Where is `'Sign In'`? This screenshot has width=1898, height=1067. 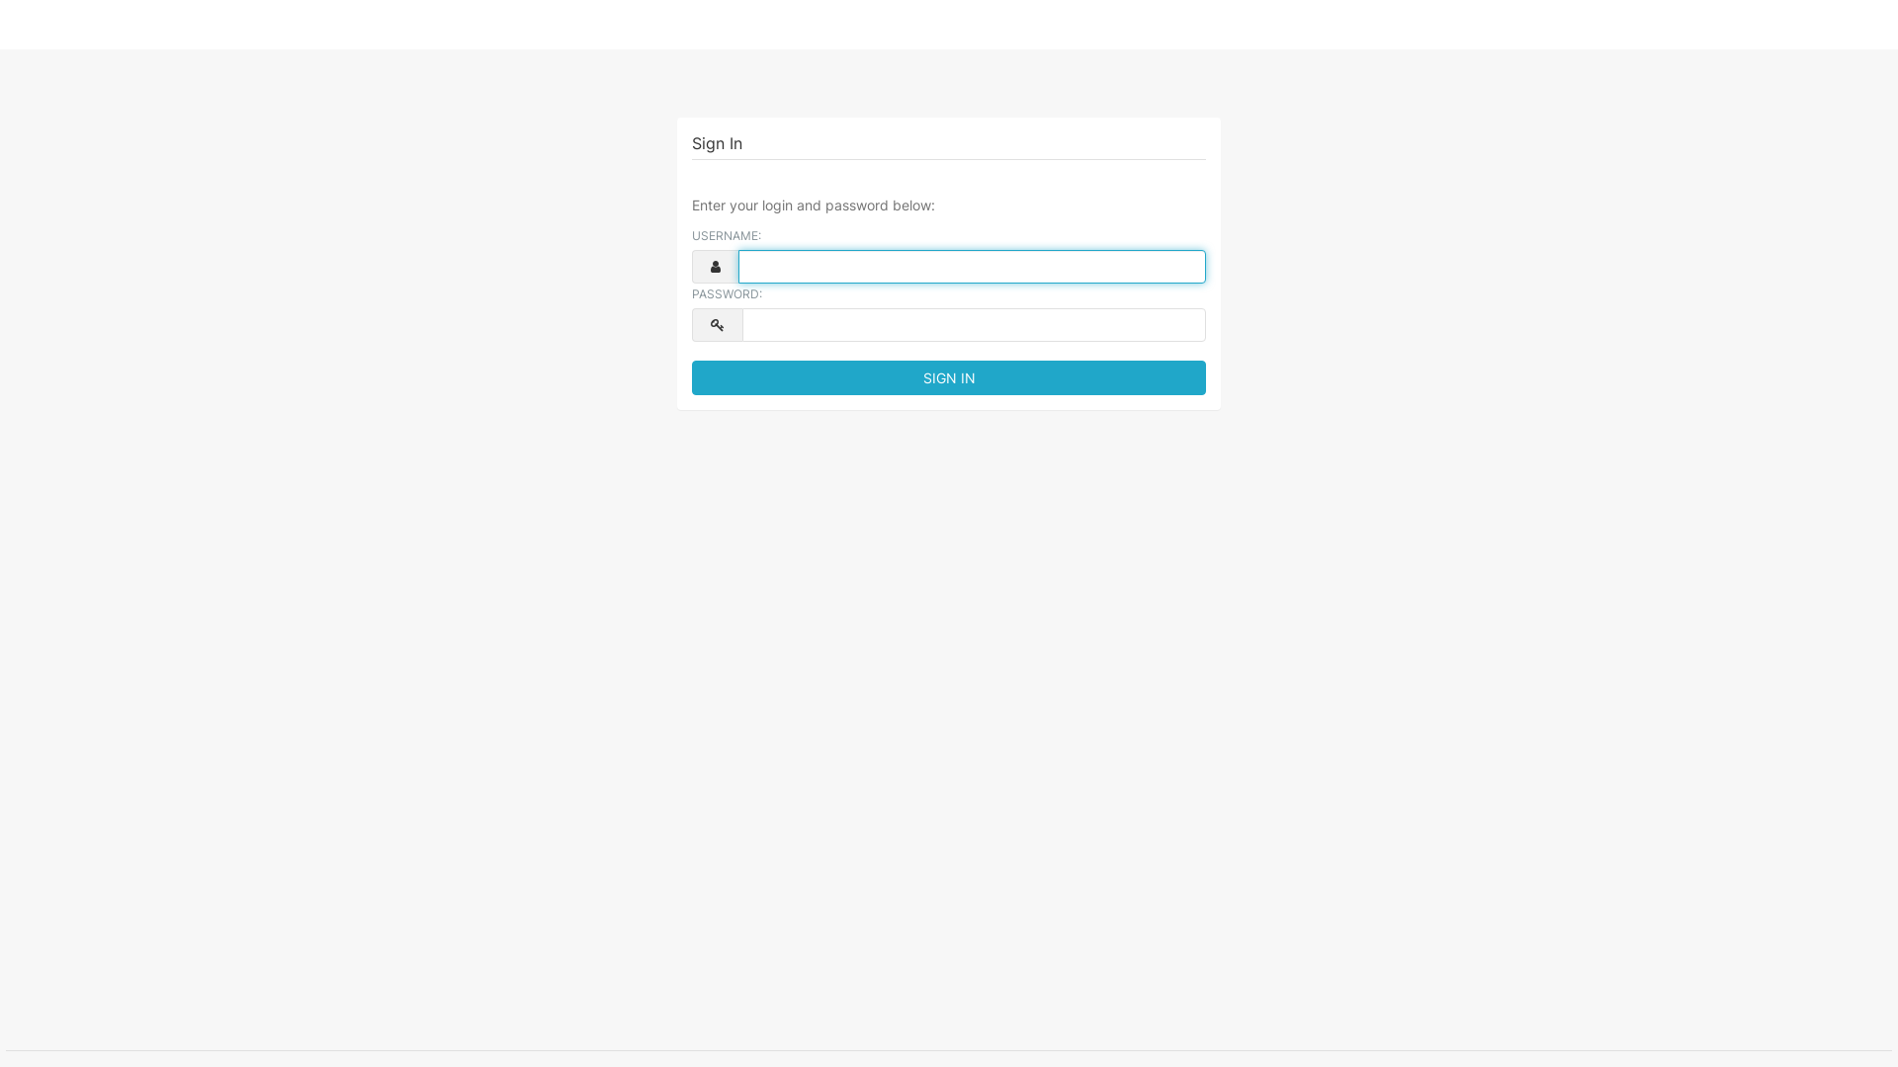 'Sign In' is located at coordinates (949, 377).